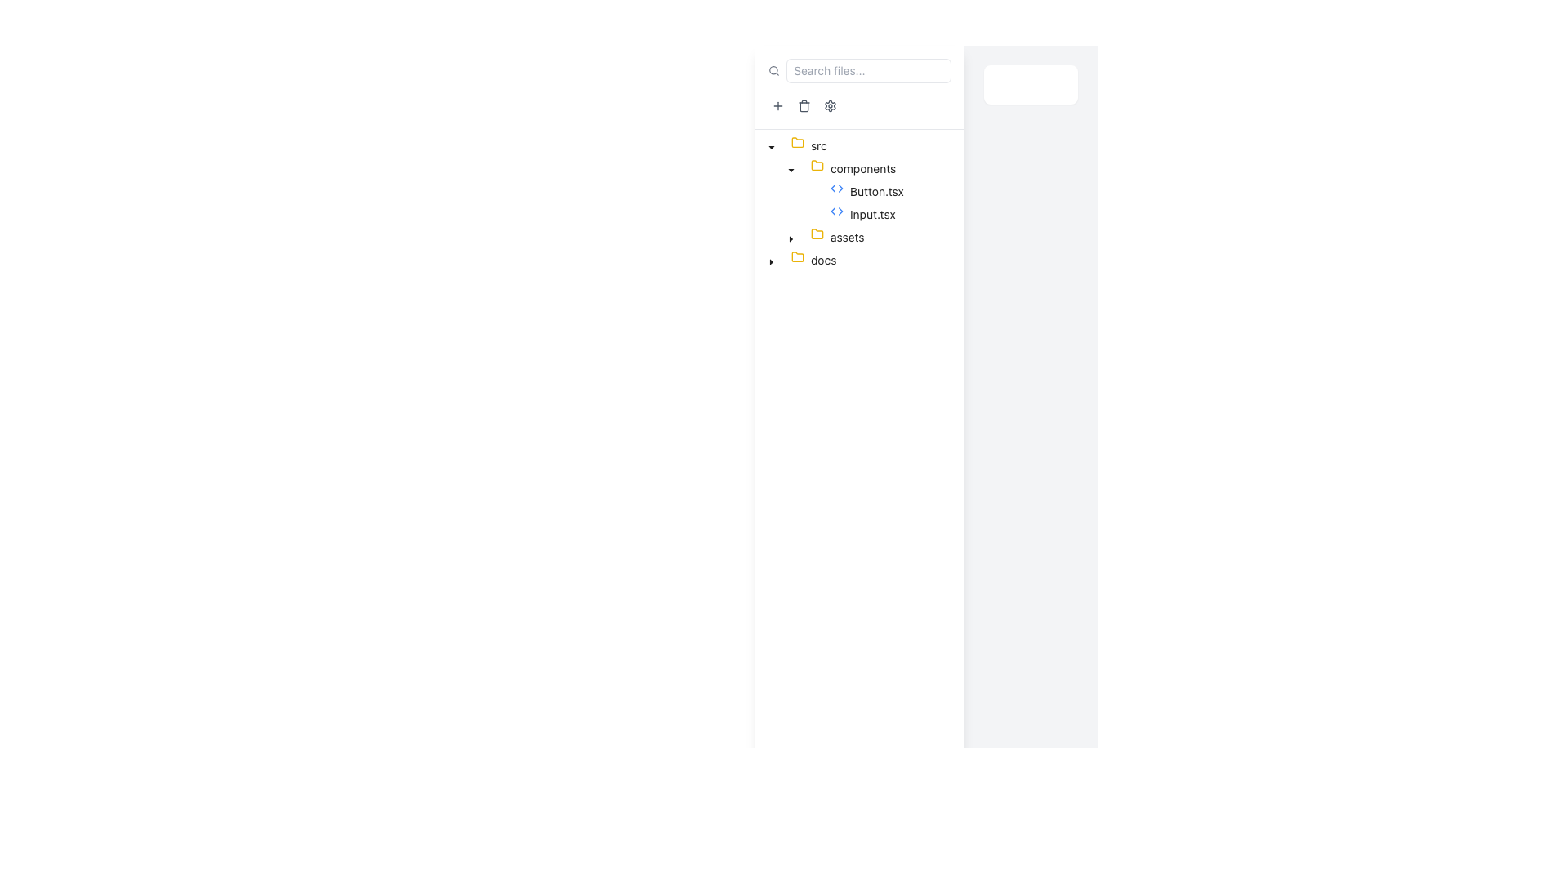 The height and width of the screenshot is (882, 1568). I want to click on the text label 'components' which identifies the components section in the hierarchical file explorer, so click(862, 168).